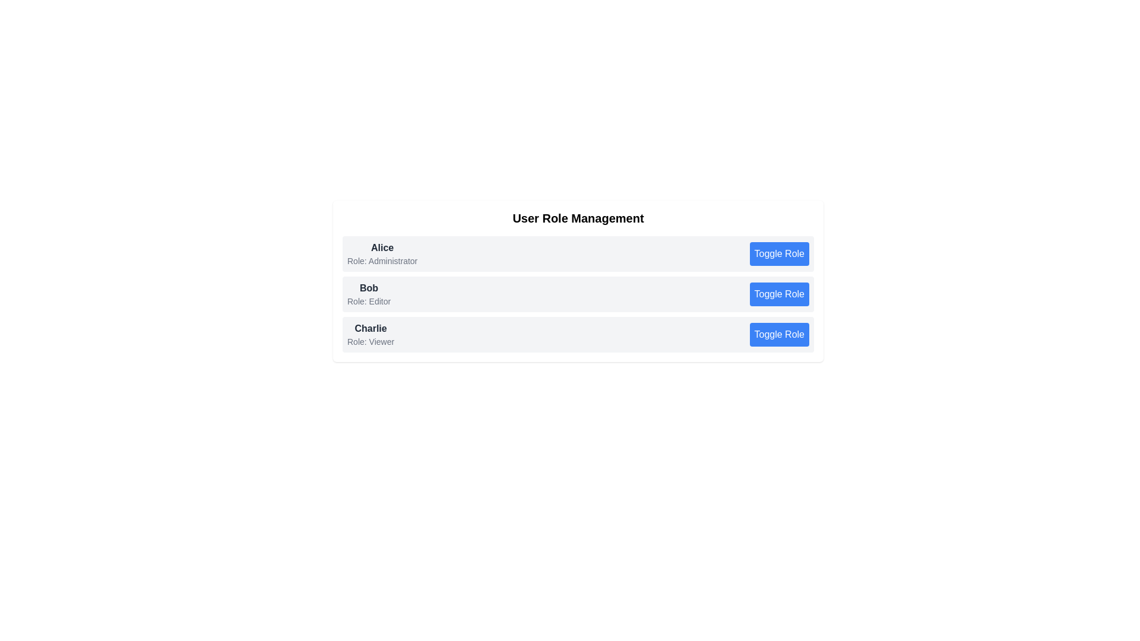 The image size is (1140, 641). I want to click on the static text label displaying the user's name 'Bob' in the user management interface, so click(368, 288).